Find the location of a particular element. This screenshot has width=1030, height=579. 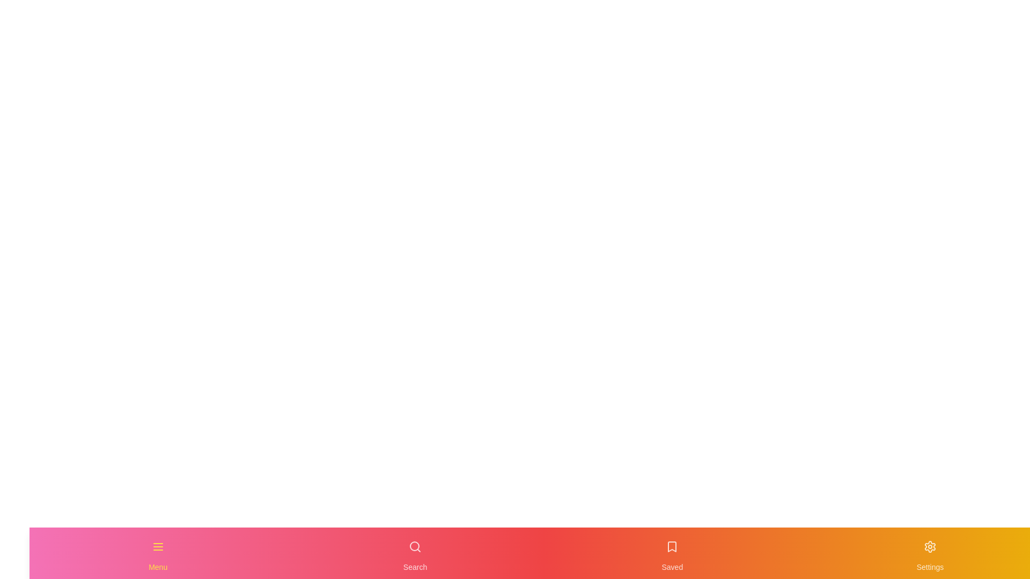

the navigation item labeled Search to highlight it is located at coordinates (414, 553).